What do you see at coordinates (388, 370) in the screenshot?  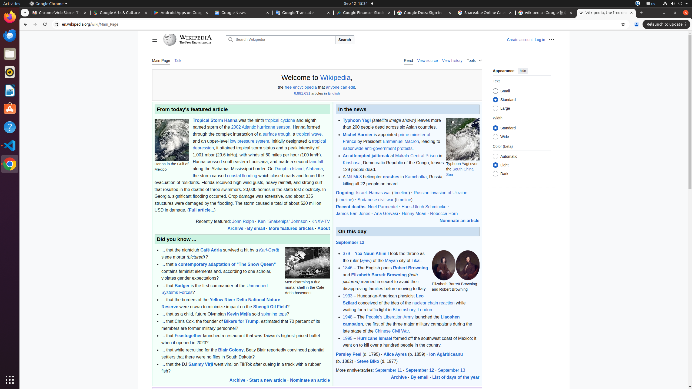 I see `'September 11'` at bounding box center [388, 370].